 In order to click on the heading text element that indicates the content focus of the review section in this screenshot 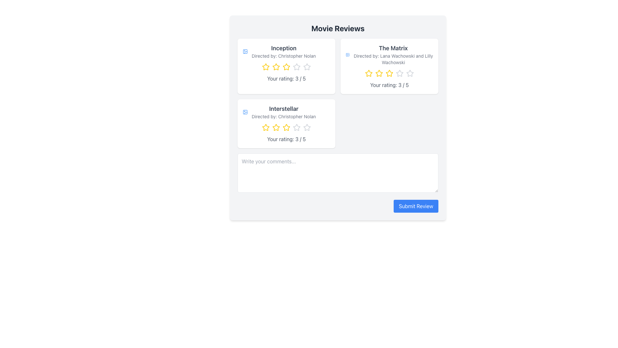, I will do `click(338, 28)`.